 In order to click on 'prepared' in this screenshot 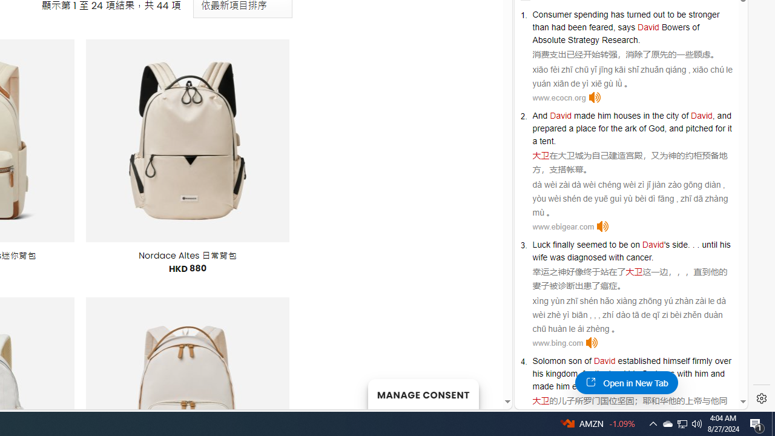, I will do `click(549, 128)`.